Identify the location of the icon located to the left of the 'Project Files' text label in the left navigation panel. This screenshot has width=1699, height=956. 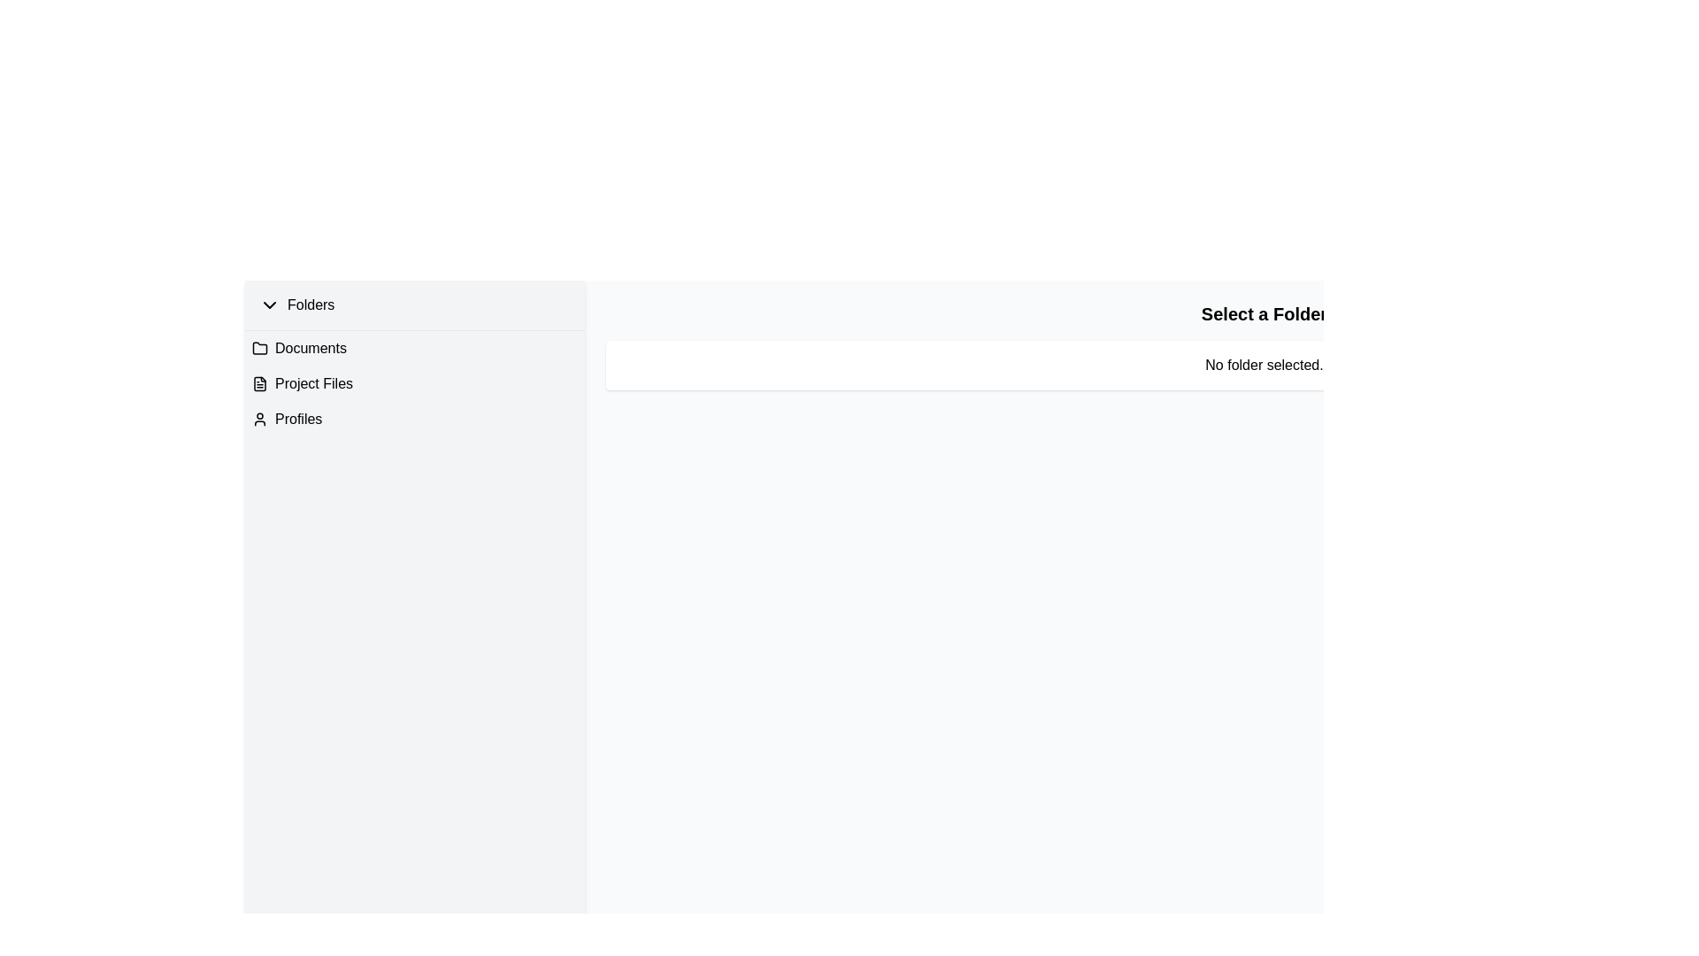
(258, 383).